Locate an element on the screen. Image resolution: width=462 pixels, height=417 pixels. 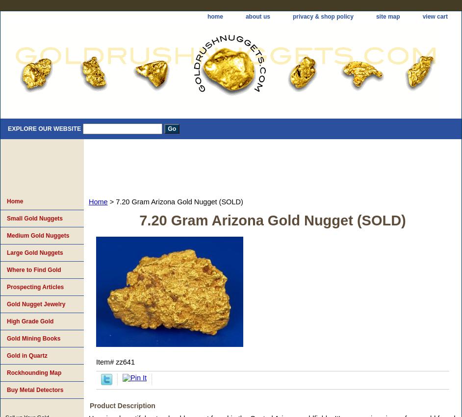
'site map' is located at coordinates (387, 16).